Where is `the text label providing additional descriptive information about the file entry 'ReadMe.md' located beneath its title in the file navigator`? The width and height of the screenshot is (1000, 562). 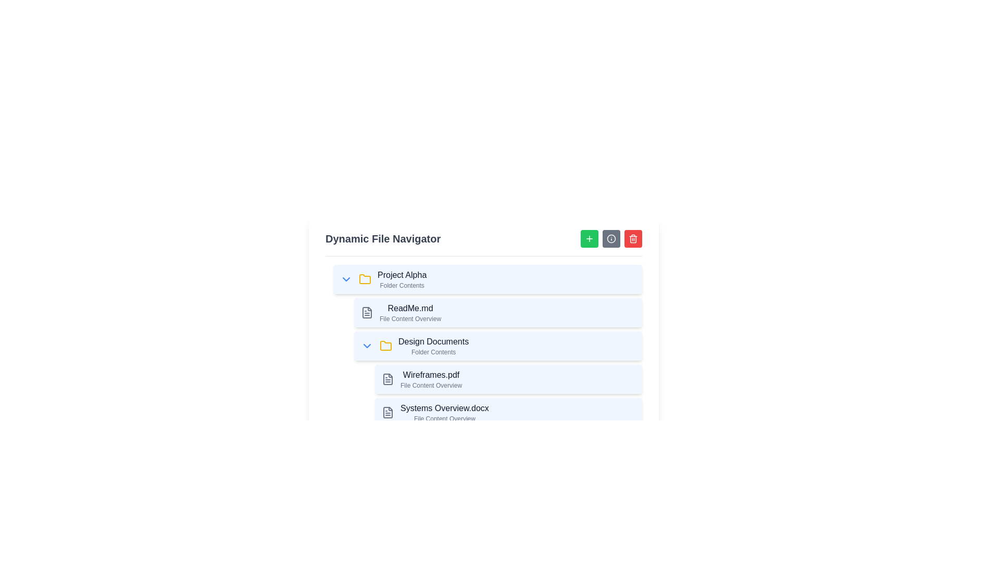
the text label providing additional descriptive information about the file entry 'ReadMe.md' located beneath its title in the file navigator is located at coordinates (409, 318).